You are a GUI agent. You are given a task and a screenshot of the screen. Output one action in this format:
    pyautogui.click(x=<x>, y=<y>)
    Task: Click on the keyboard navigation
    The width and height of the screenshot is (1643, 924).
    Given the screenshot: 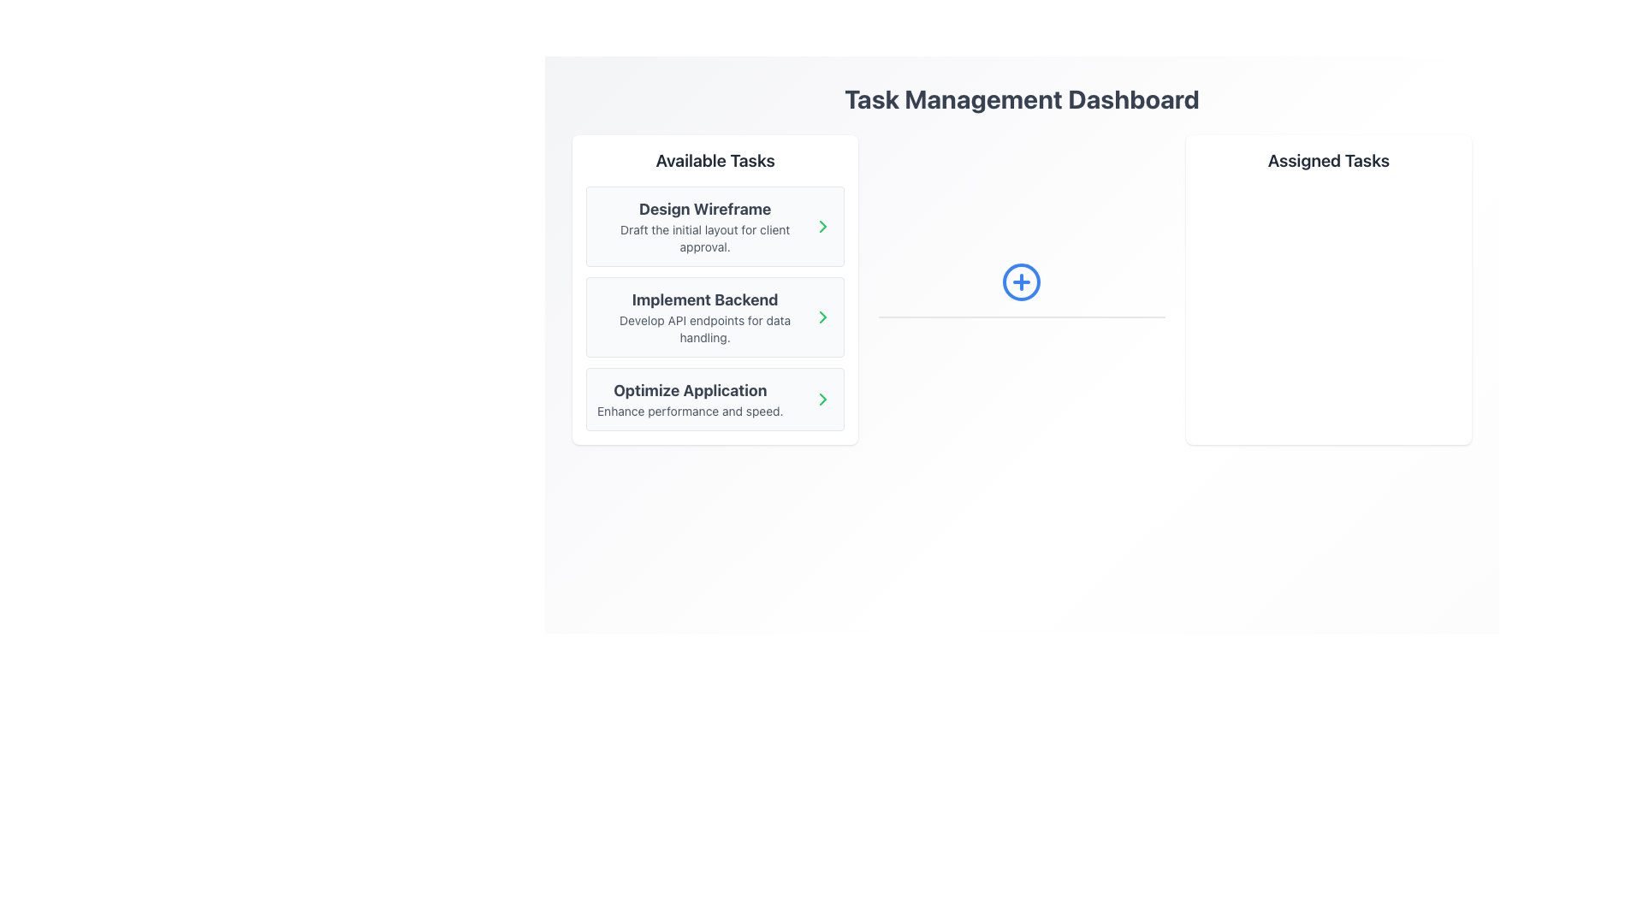 What is the action you would take?
    pyautogui.click(x=715, y=399)
    